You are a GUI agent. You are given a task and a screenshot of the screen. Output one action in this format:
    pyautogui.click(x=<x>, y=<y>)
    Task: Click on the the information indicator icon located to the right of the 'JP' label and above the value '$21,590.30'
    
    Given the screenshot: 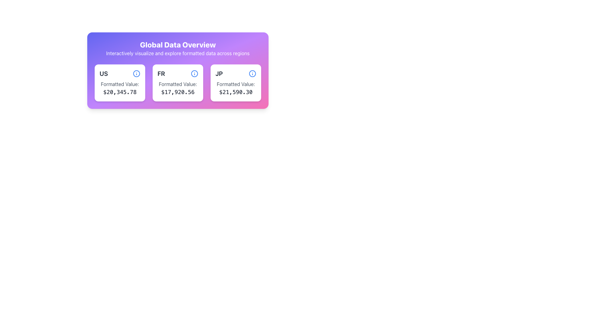 What is the action you would take?
    pyautogui.click(x=253, y=73)
    